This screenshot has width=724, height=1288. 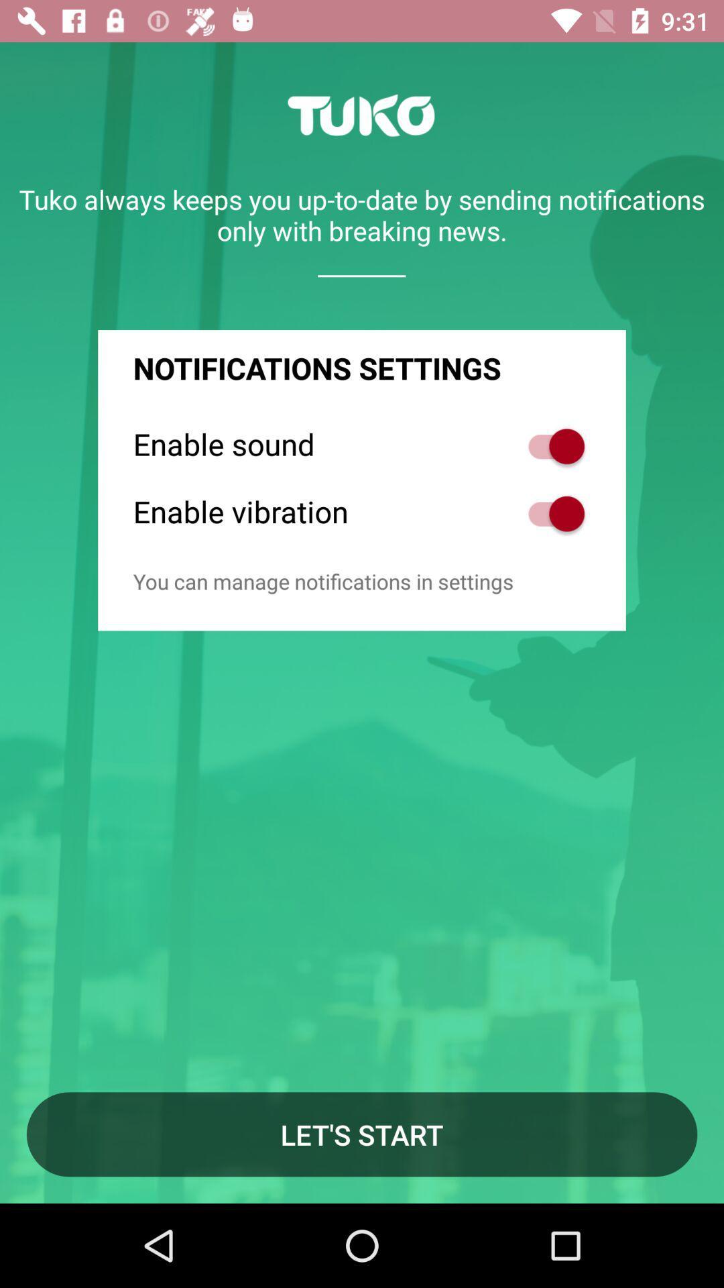 What do you see at coordinates (549, 513) in the screenshot?
I see `enable vibration` at bounding box center [549, 513].